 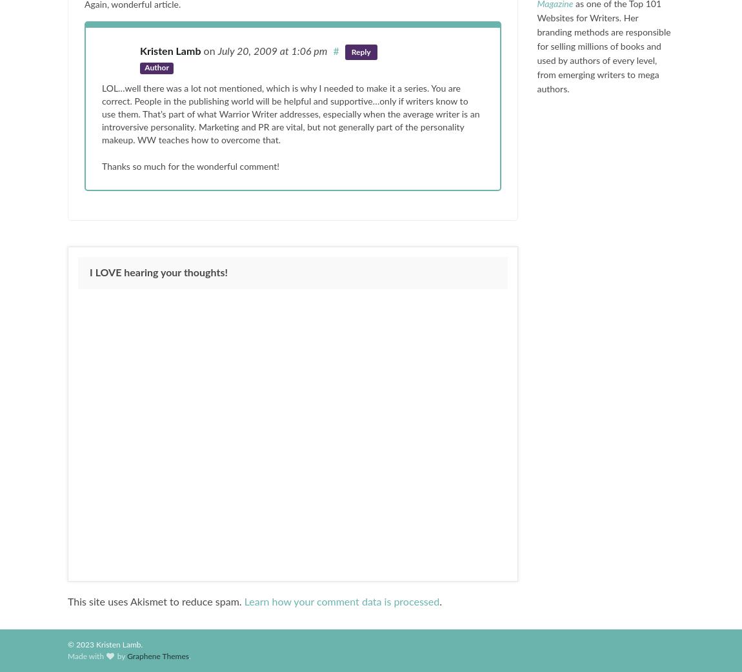 What do you see at coordinates (155, 602) in the screenshot?
I see `'This site uses Akismet to reduce spam.'` at bounding box center [155, 602].